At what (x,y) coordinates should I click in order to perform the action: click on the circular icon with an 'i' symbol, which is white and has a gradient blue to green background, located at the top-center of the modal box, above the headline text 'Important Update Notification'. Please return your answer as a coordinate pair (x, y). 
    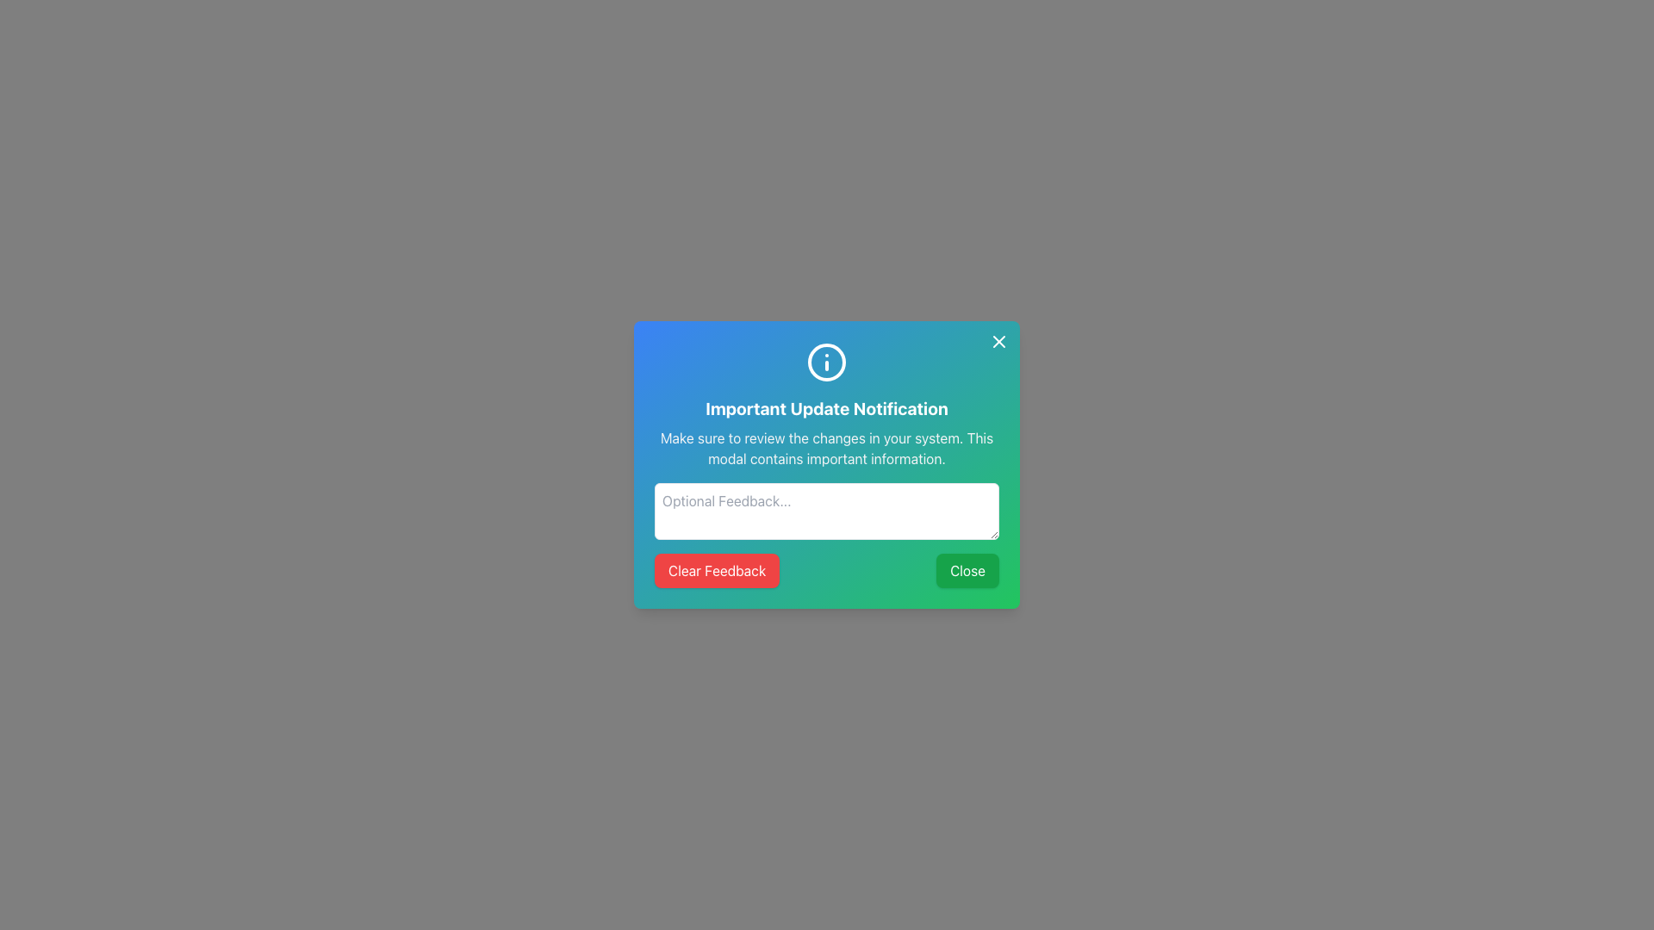
    Looking at the image, I should click on (827, 361).